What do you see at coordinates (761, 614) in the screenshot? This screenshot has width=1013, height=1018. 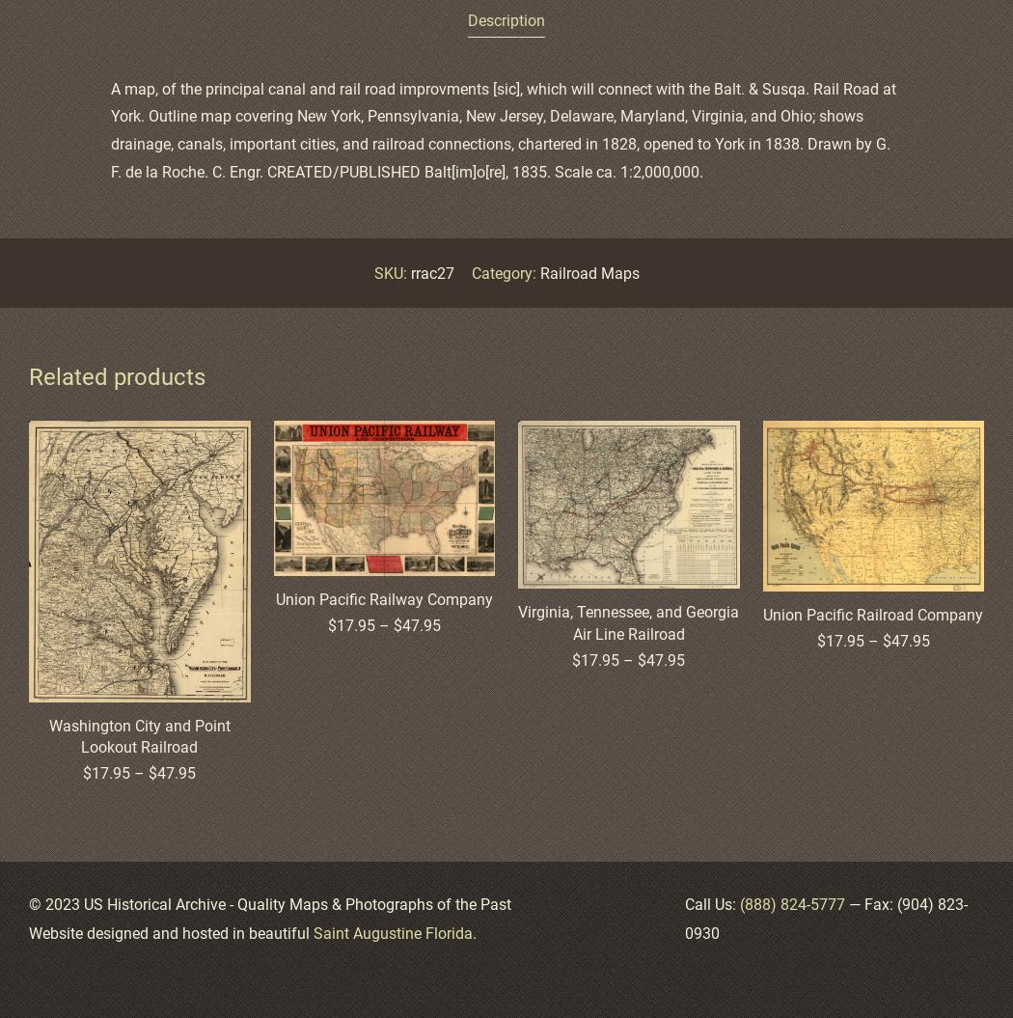 I see `'Union Pacific Railroad Company'` at bounding box center [761, 614].